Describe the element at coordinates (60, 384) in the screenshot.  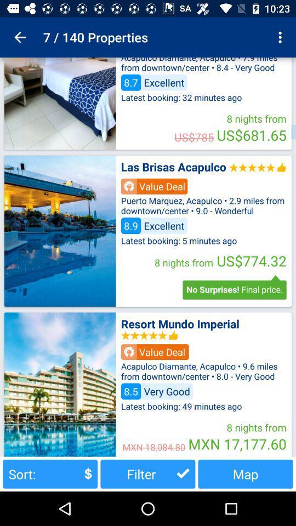
I see `resort photo` at that location.